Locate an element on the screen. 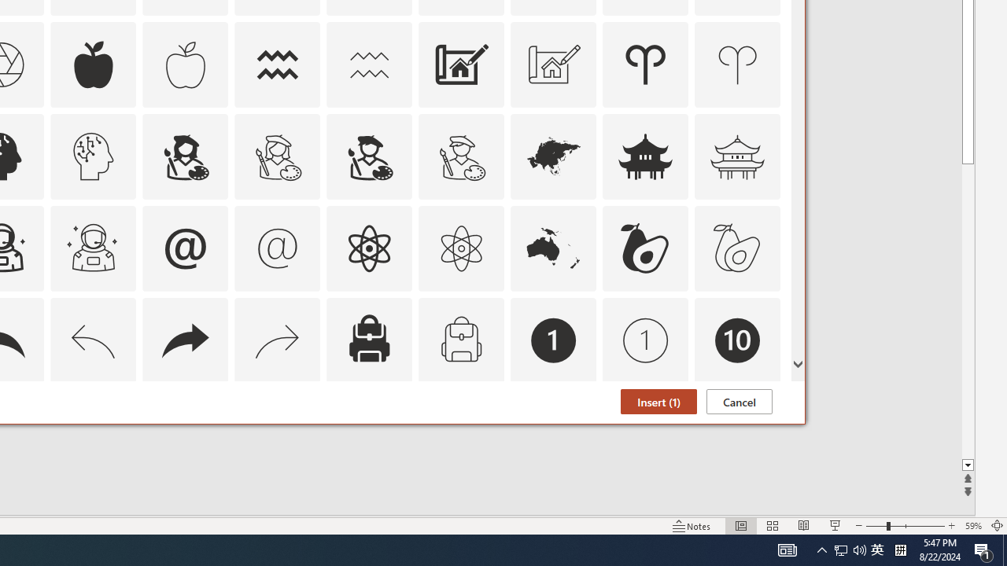 The width and height of the screenshot is (1007, 566). 'AutomationID: Icons_Aries_M' is located at coordinates (737, 64).